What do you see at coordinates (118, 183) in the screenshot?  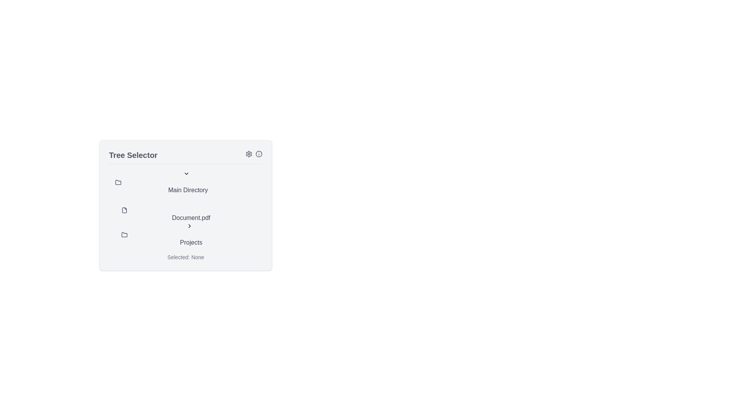 I see `the folder icon located to the left of the 'Main Directory' text in the tree selector interface` at bounding box center [118, 183].